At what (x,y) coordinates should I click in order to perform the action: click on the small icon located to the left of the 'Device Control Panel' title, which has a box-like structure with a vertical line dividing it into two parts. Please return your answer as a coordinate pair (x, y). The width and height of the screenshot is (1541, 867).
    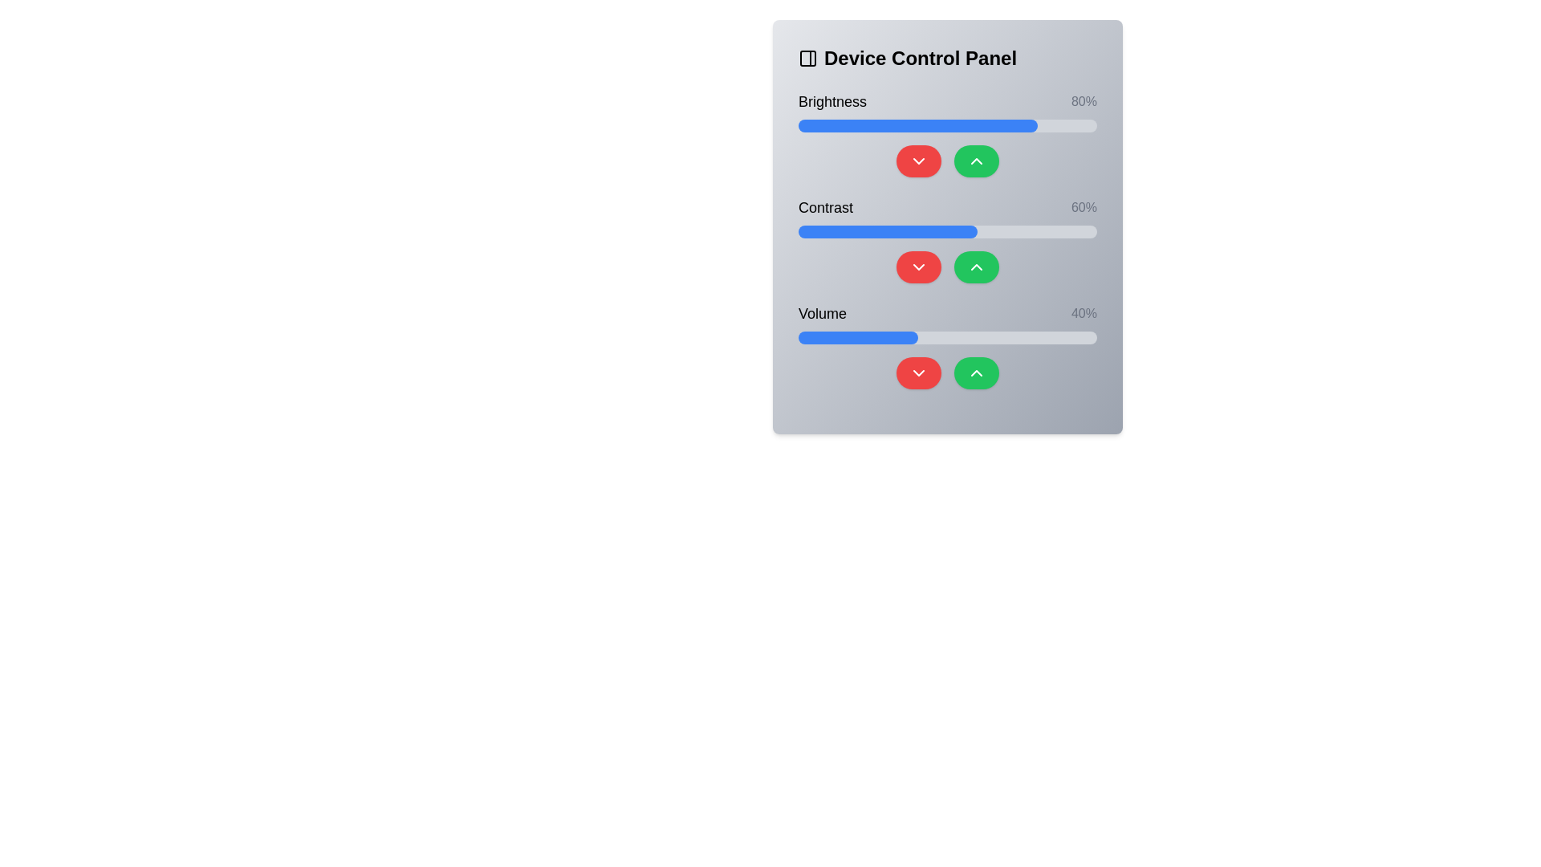
    Looking at the image, I should click on (808, 58).